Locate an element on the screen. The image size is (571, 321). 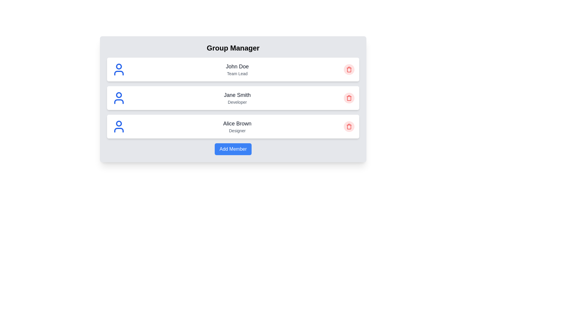
the text component displaying 'Jane Smith', which is bold, dark gray, and positioned in the upper part of a box containing another text 'Developer' below it is located at coordinates (237, 95).